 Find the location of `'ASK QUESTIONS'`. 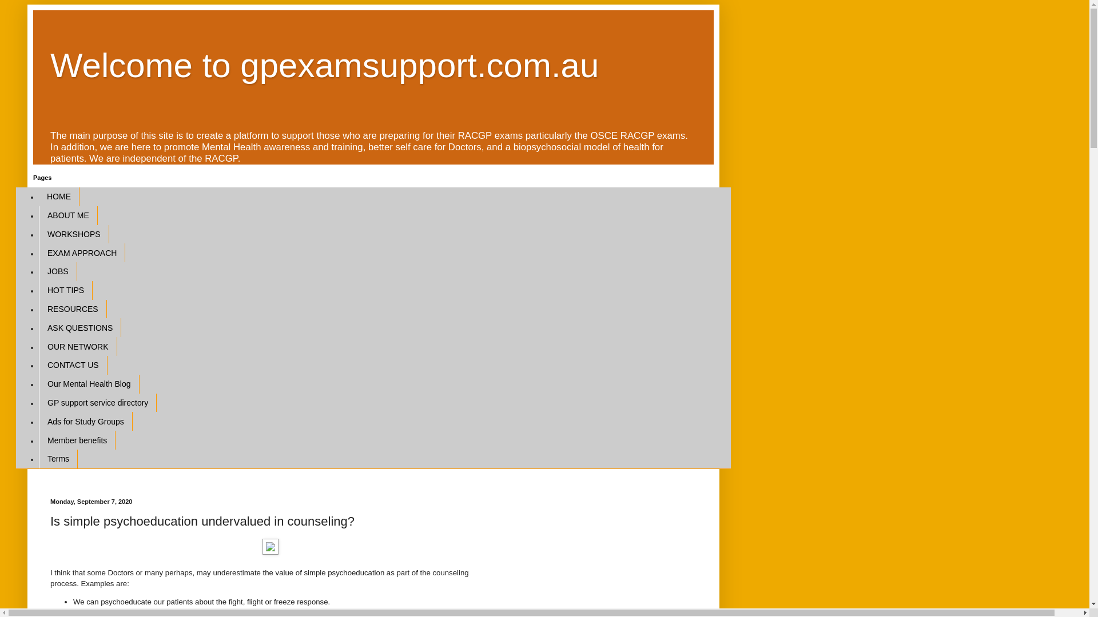

'ASK QUESTIONS' is located at coordinates (79, 327).